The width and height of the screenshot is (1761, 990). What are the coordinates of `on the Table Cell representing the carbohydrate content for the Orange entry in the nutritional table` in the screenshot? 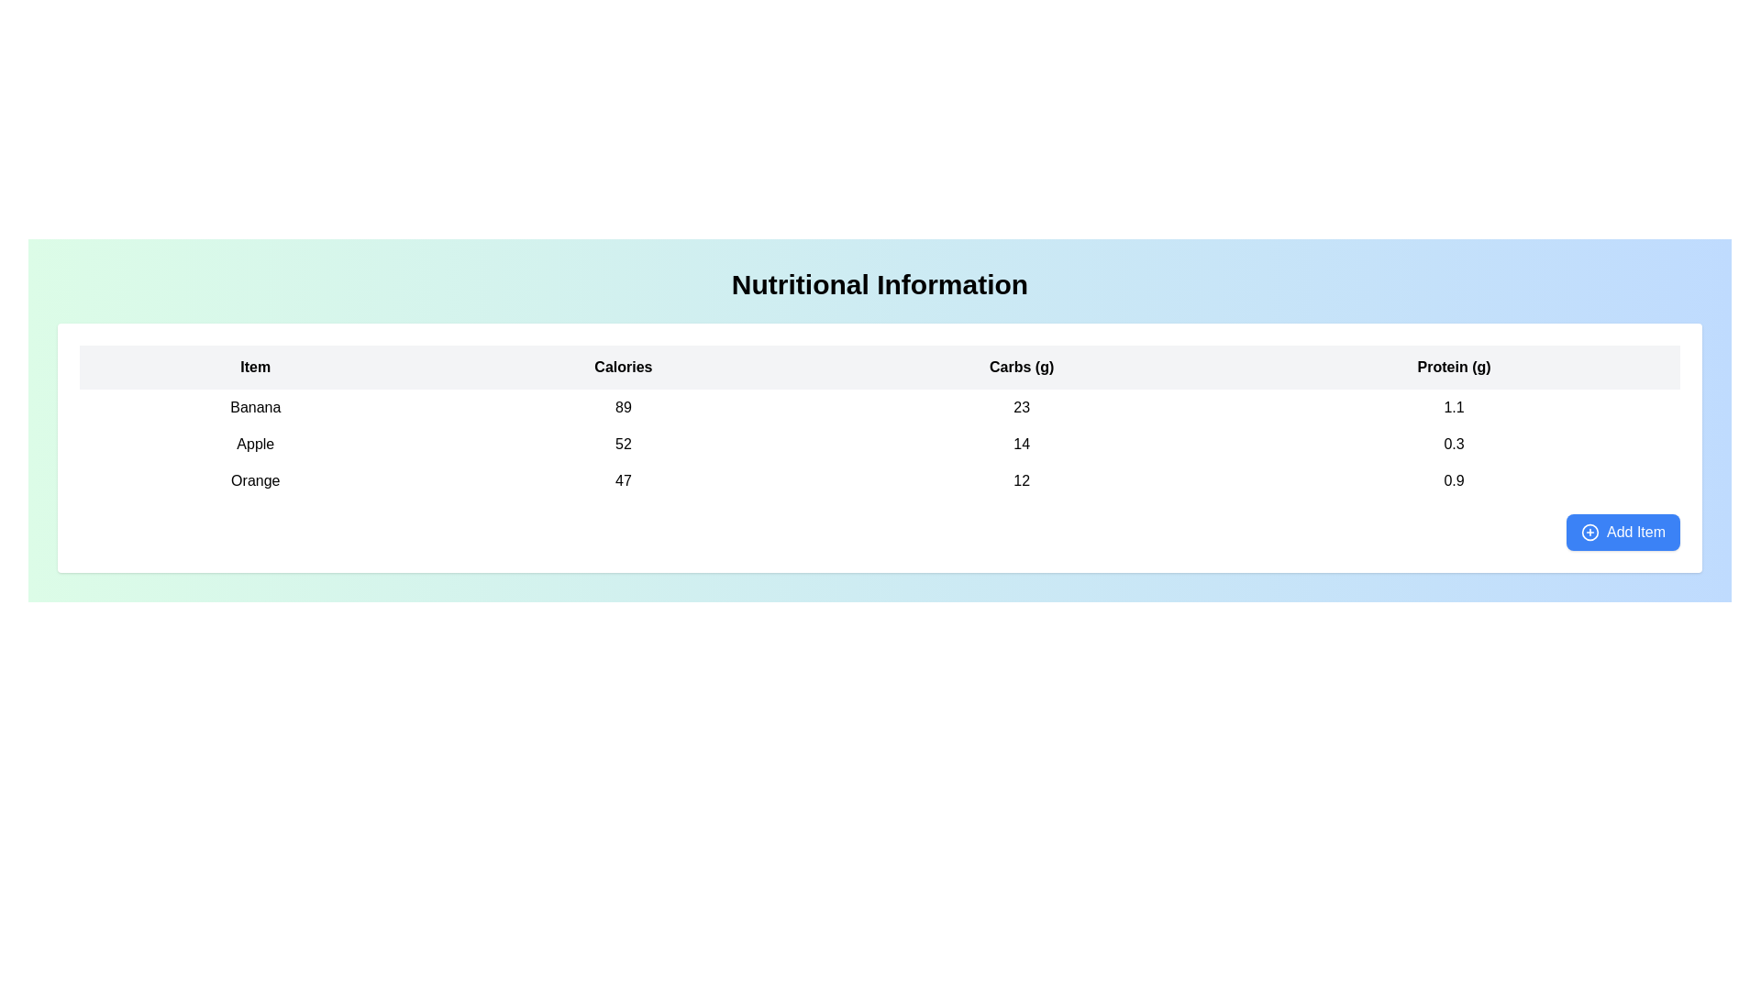 It's located at (1021, 479).